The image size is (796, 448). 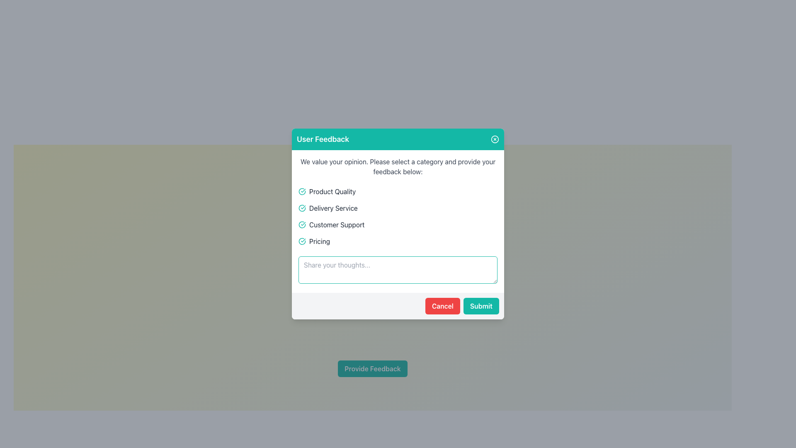 What do you see at coordinates (481, 306) in the screenshot?
I see `the 'Submit' button with teal background and white text` at bounding box center [481, 306].